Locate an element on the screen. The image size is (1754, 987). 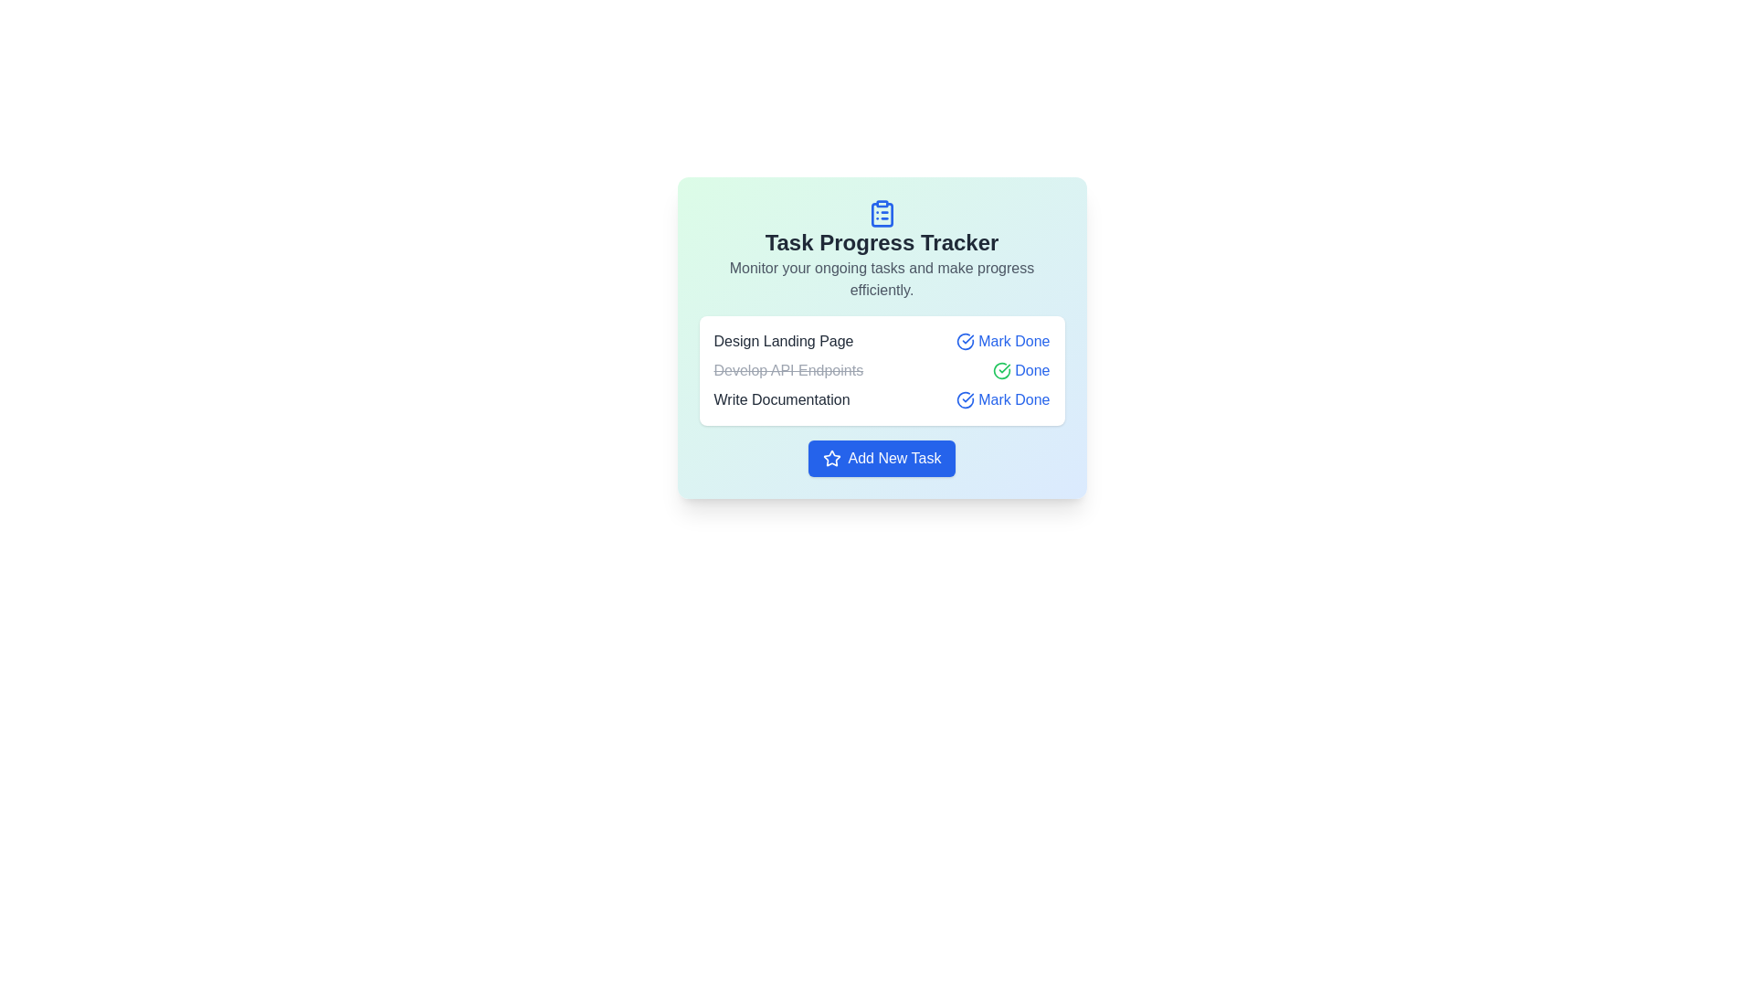
the title and subtitle section of the task tracker interface, which is located at the top-center of the card, directly above the task list and below the logo is located at coordinates (882, 249).